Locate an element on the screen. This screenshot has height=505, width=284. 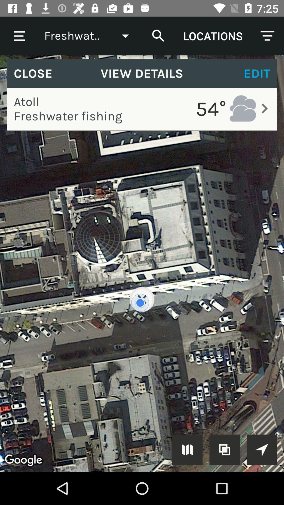
to change the direction is located at coordinates (262, 449).